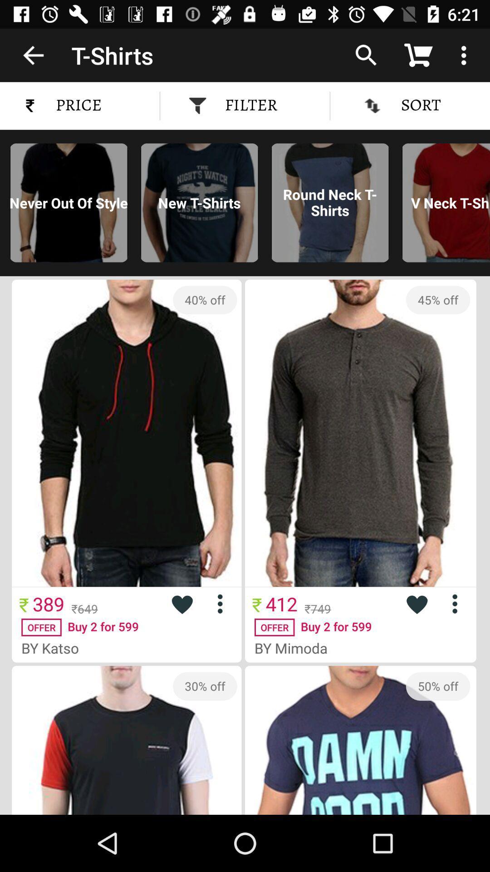 The height and width of the screenshot is (872, 490). What do you see at coordinates (54, 647) in the screenshot?
I see `by katso` at bounding box center [54, 647].